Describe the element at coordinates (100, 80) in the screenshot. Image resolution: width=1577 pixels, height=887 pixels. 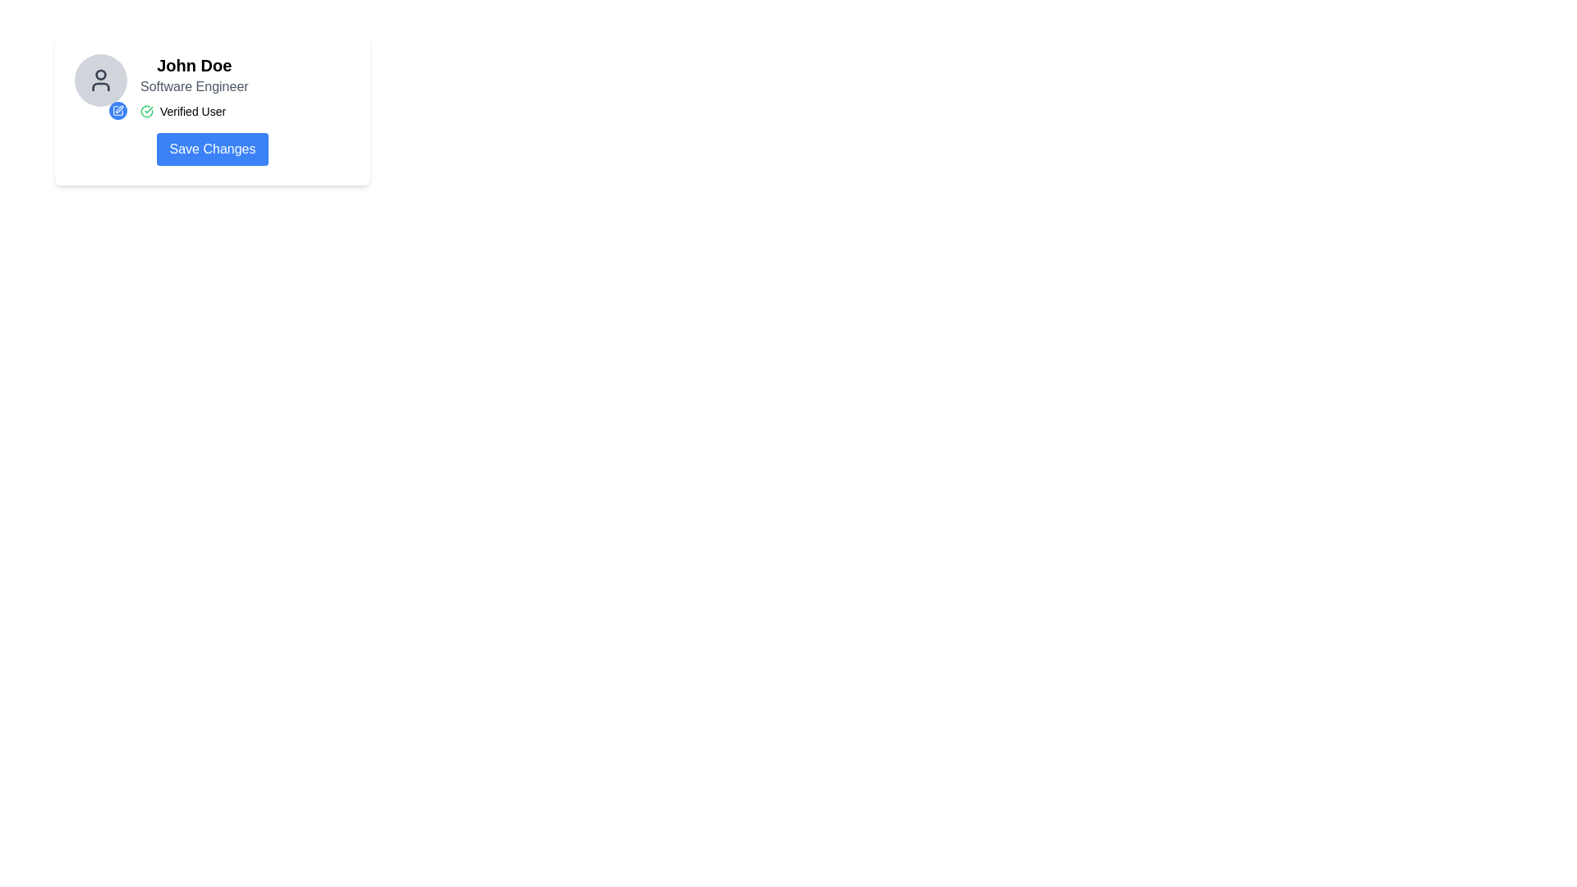
I see `the circular graphical avatar placeholder with a gray background and user icon outline` at that location.